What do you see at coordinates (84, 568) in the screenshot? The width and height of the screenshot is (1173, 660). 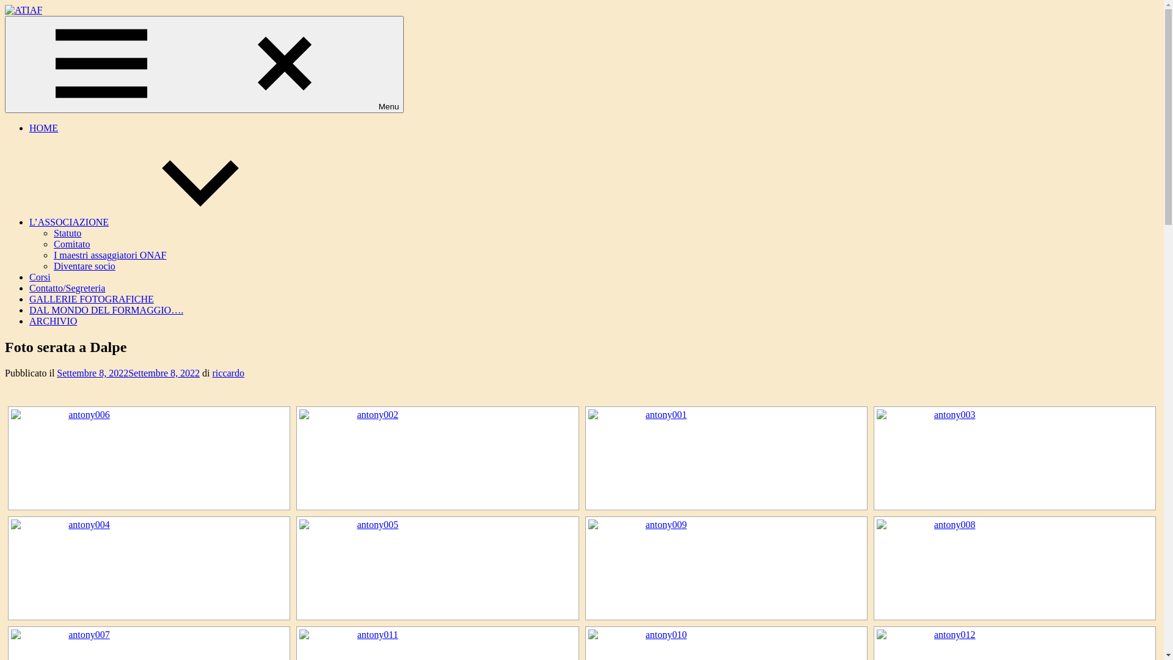 I see `'antony004'` at bounding box center [84, 568].